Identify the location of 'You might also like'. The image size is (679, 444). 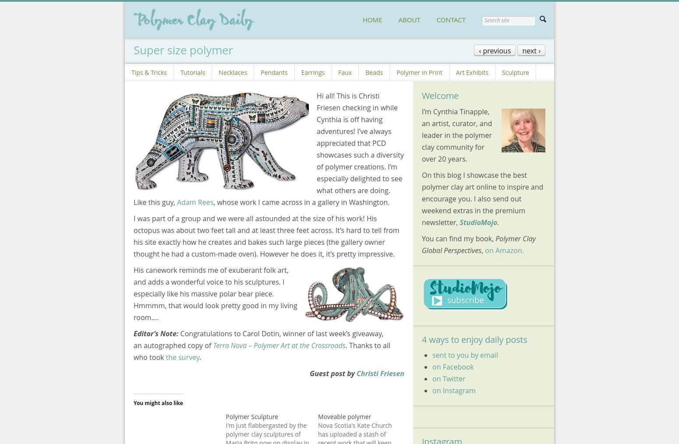
(134, 402).